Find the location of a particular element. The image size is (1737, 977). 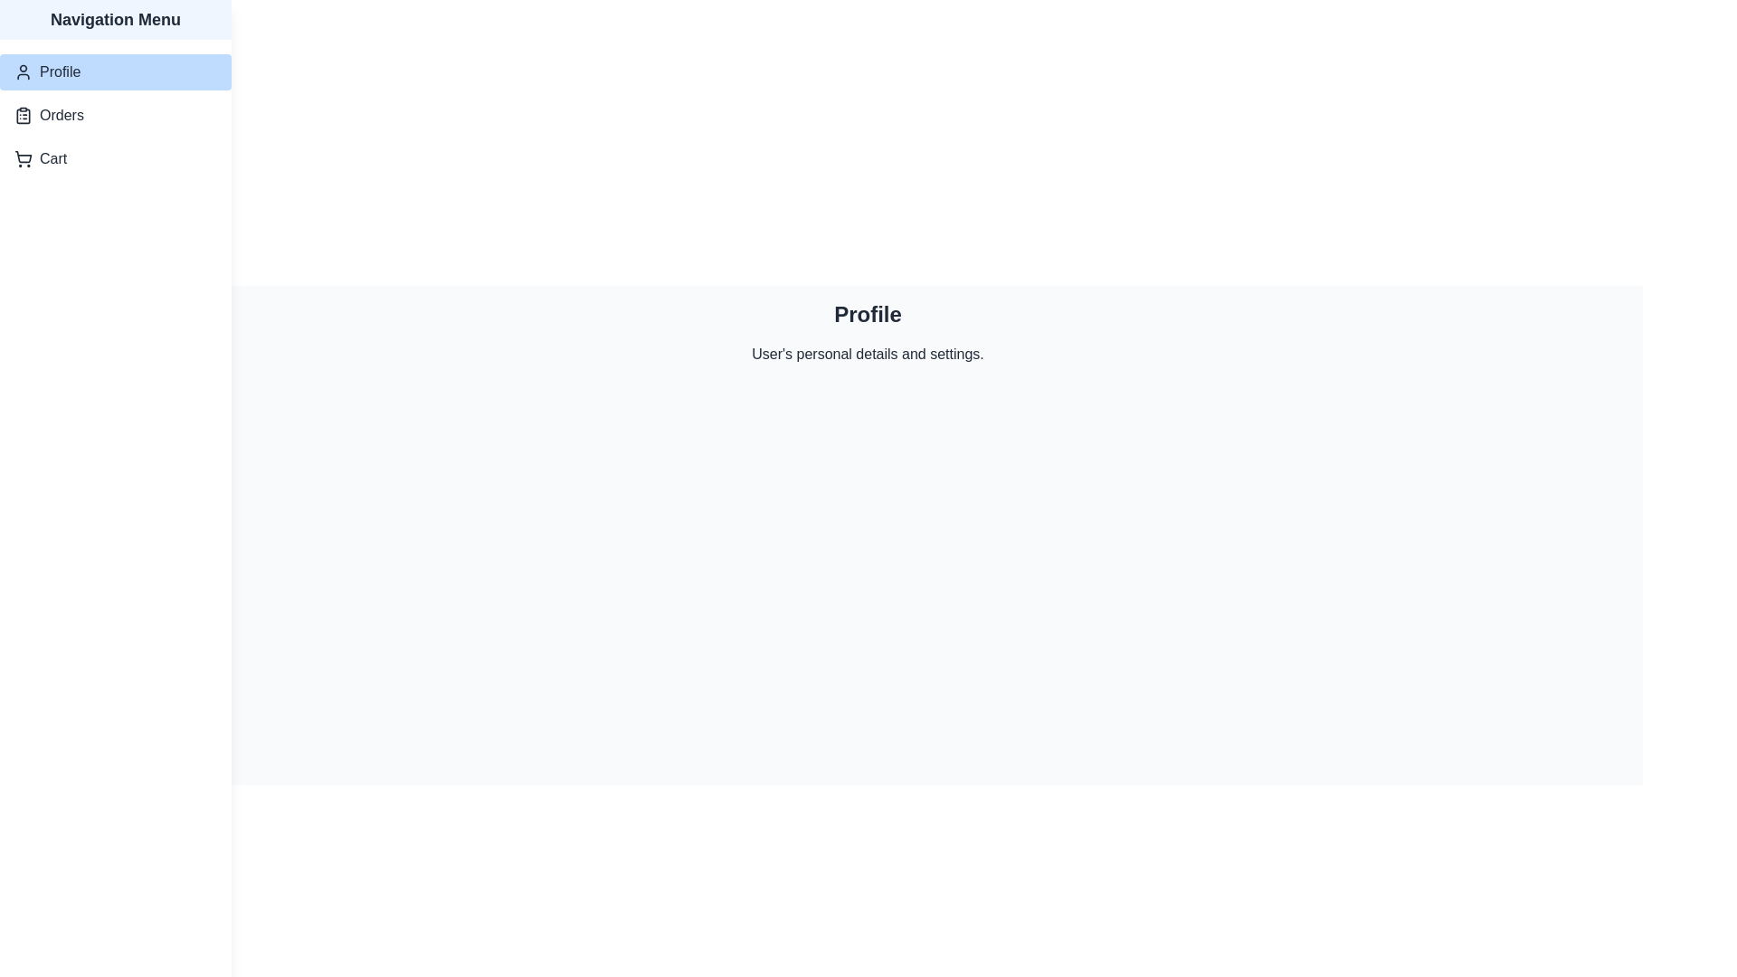

the navigation text label located in the vertical menu on the left side is located at coordinates (60, 71).